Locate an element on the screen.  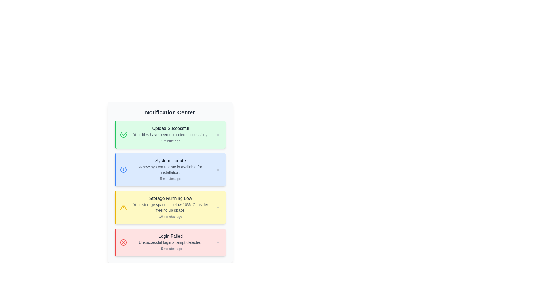
the text label that reads 'System Update', which is styled with a medium-weight font and gray color (#4a4a4a), located at the top of the blue notification card is located at coordinates (170, 161).